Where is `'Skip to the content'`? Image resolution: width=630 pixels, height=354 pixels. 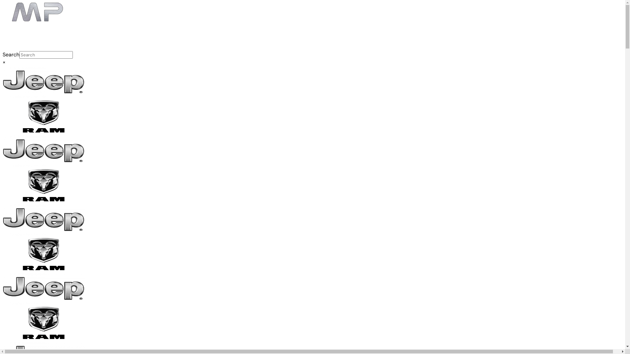 'Skip to the content' is located at coordinates (2, 2).